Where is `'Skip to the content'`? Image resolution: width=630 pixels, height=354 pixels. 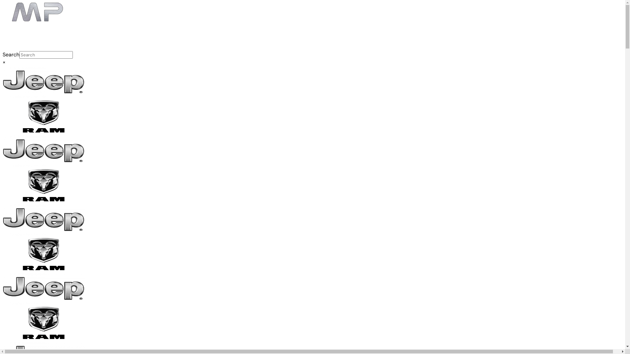 'Skip to the content' is located at coordinates (2, 2).